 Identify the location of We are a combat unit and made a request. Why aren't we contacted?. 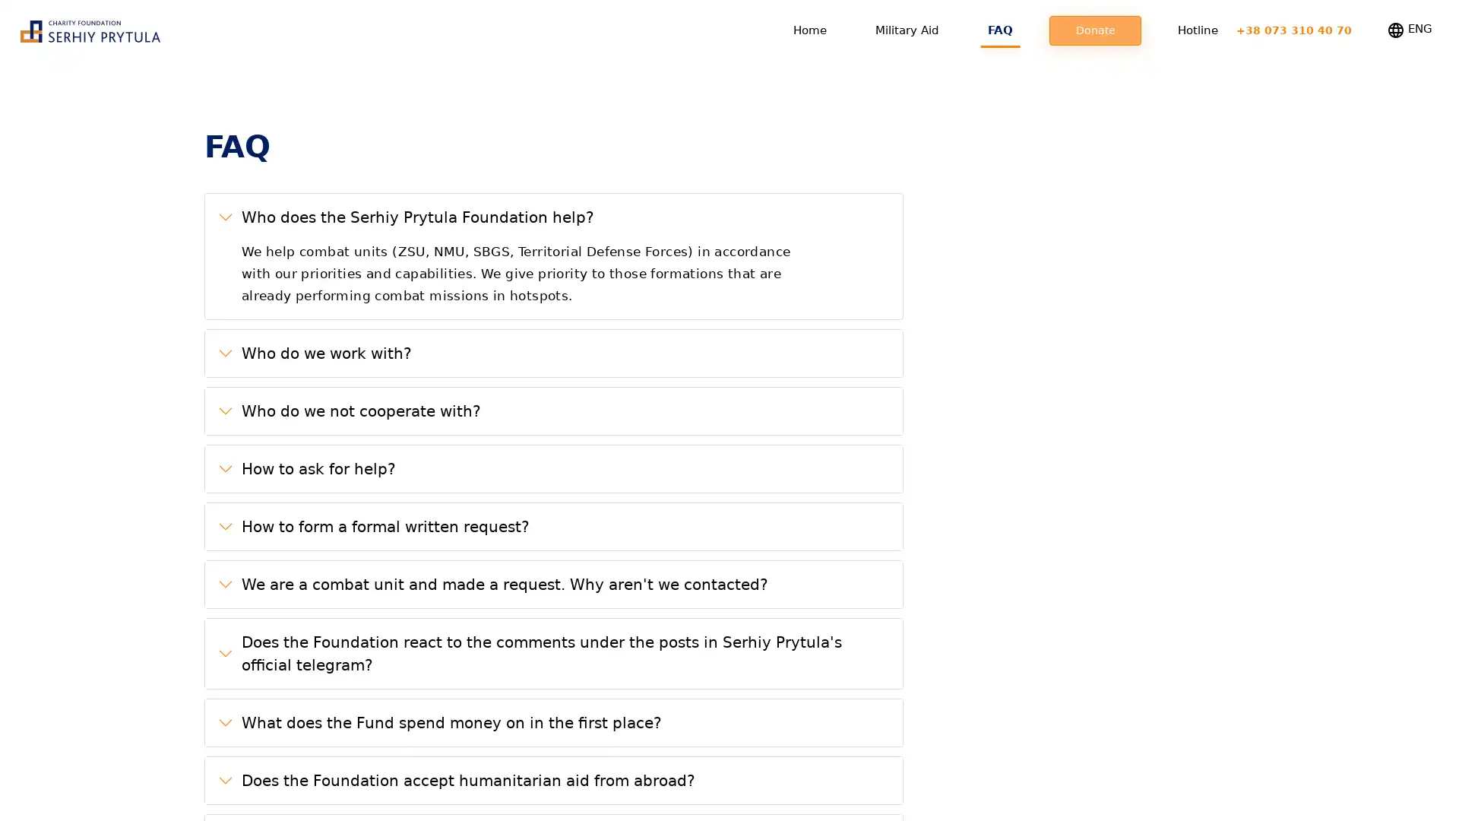
(552, 583).